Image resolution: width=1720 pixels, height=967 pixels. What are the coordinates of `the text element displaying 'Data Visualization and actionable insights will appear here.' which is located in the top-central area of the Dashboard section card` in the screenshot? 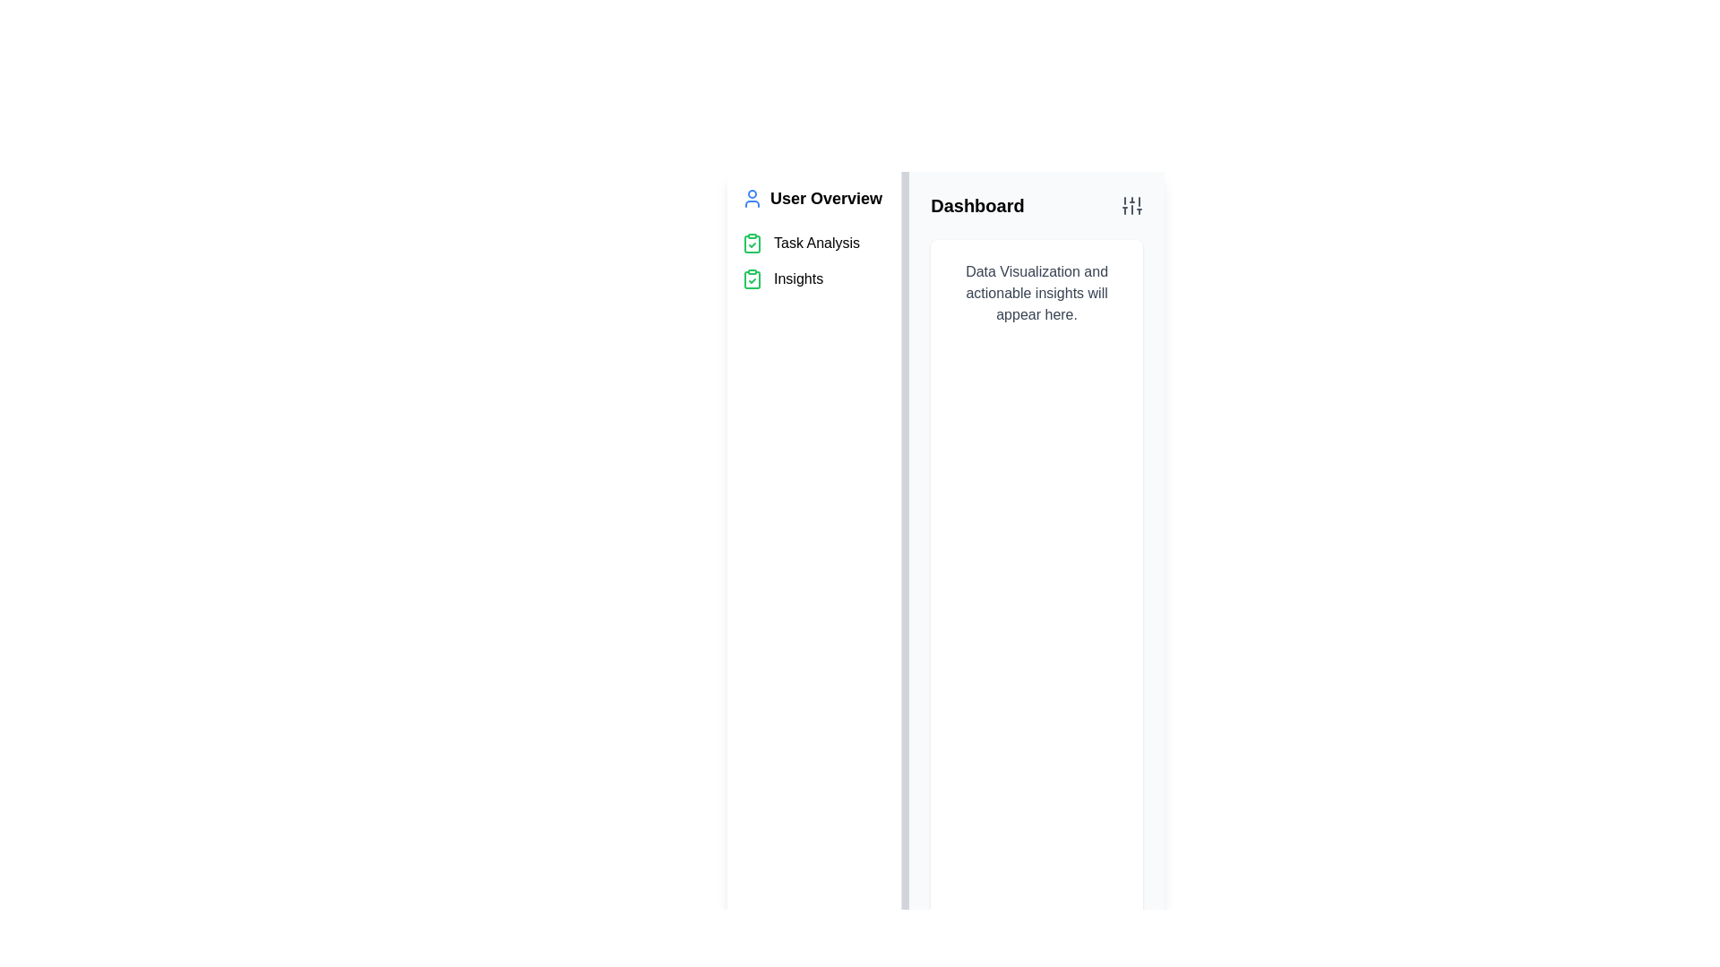 It's located at (1036, 292).